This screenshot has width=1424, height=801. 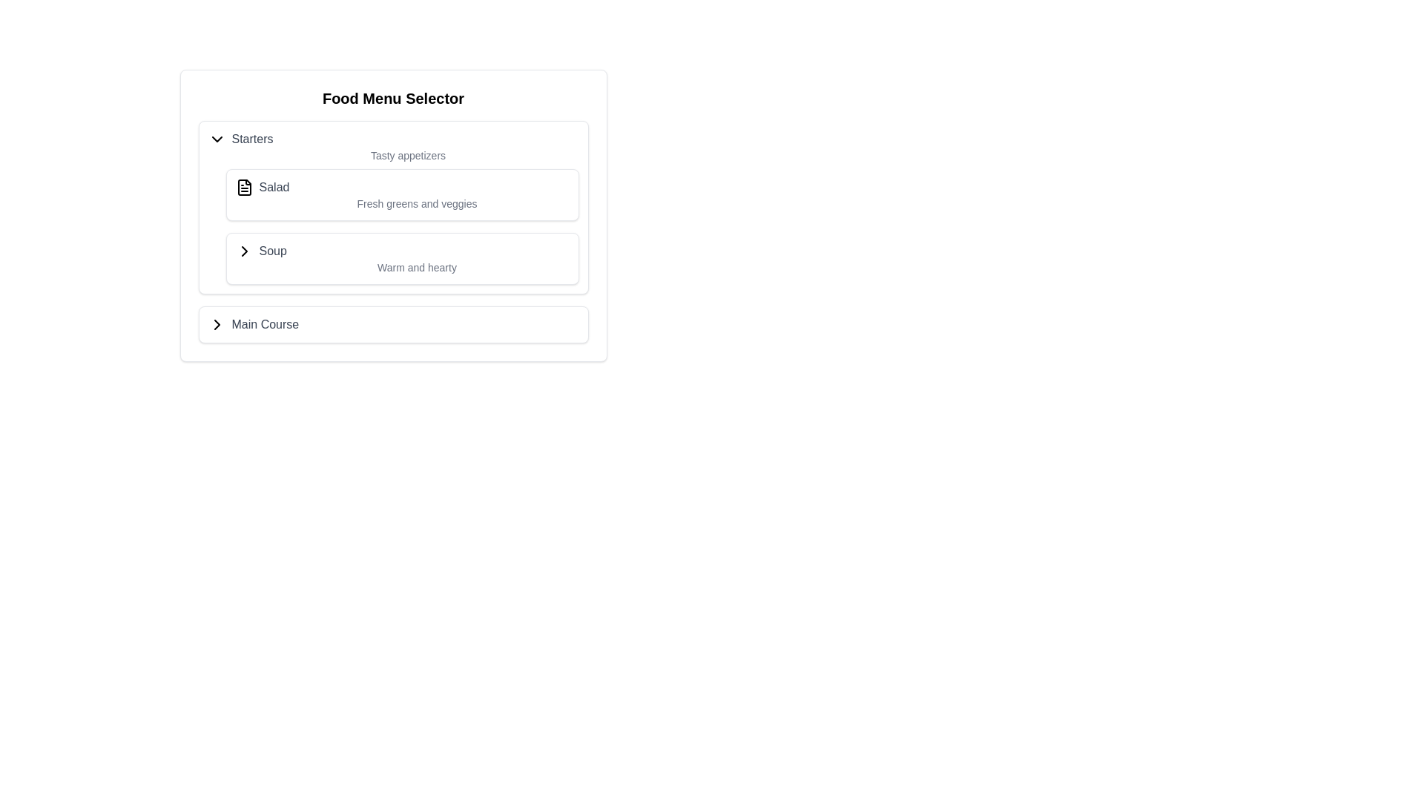 What do you see at coordinates (216, 324) in the screenshot?
I see `the right-pointing chevron icon located to the left of the 'Main Course' text` at bounding box center [216, 324].